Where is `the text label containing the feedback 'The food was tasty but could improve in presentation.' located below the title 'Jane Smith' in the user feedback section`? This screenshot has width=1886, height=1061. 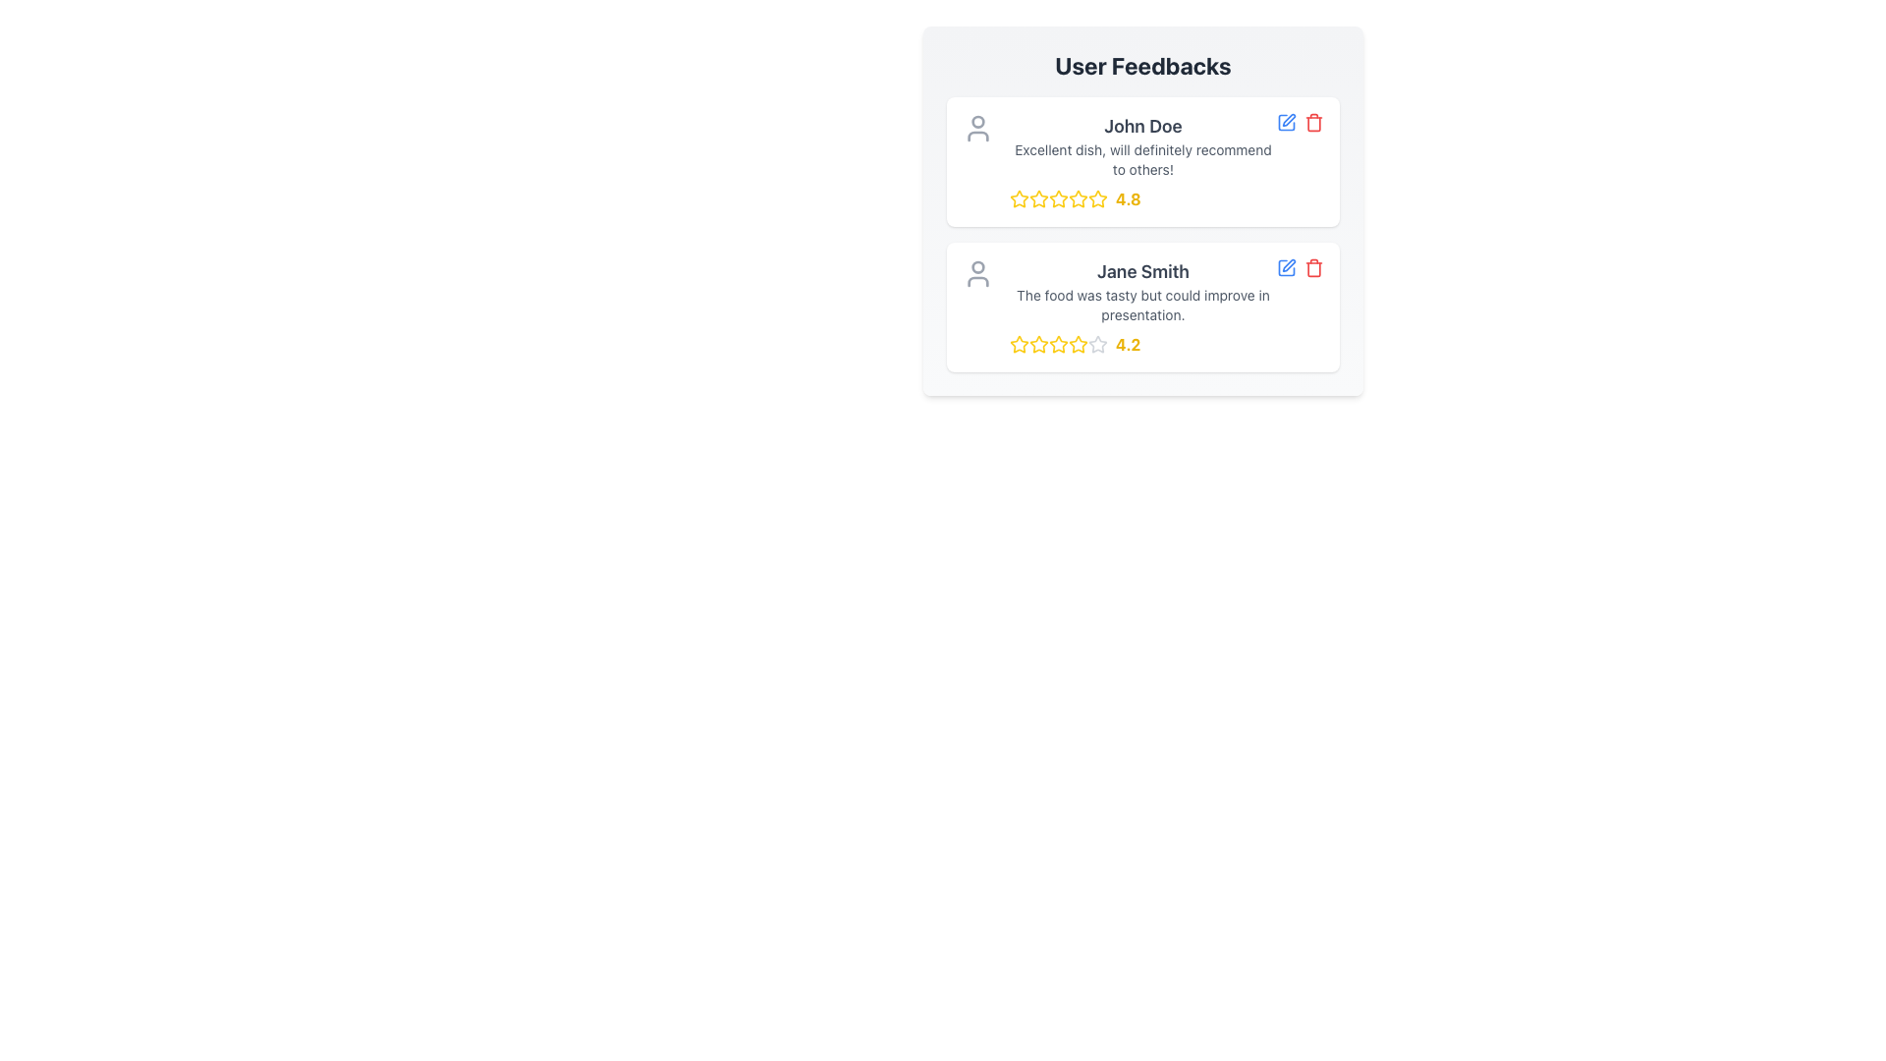 the text label containing the feedback 'The food was tasty but could improve in presentation.' located below the title 'Jane Smith' in the user feedback section is located at coordinates (1142, 306).